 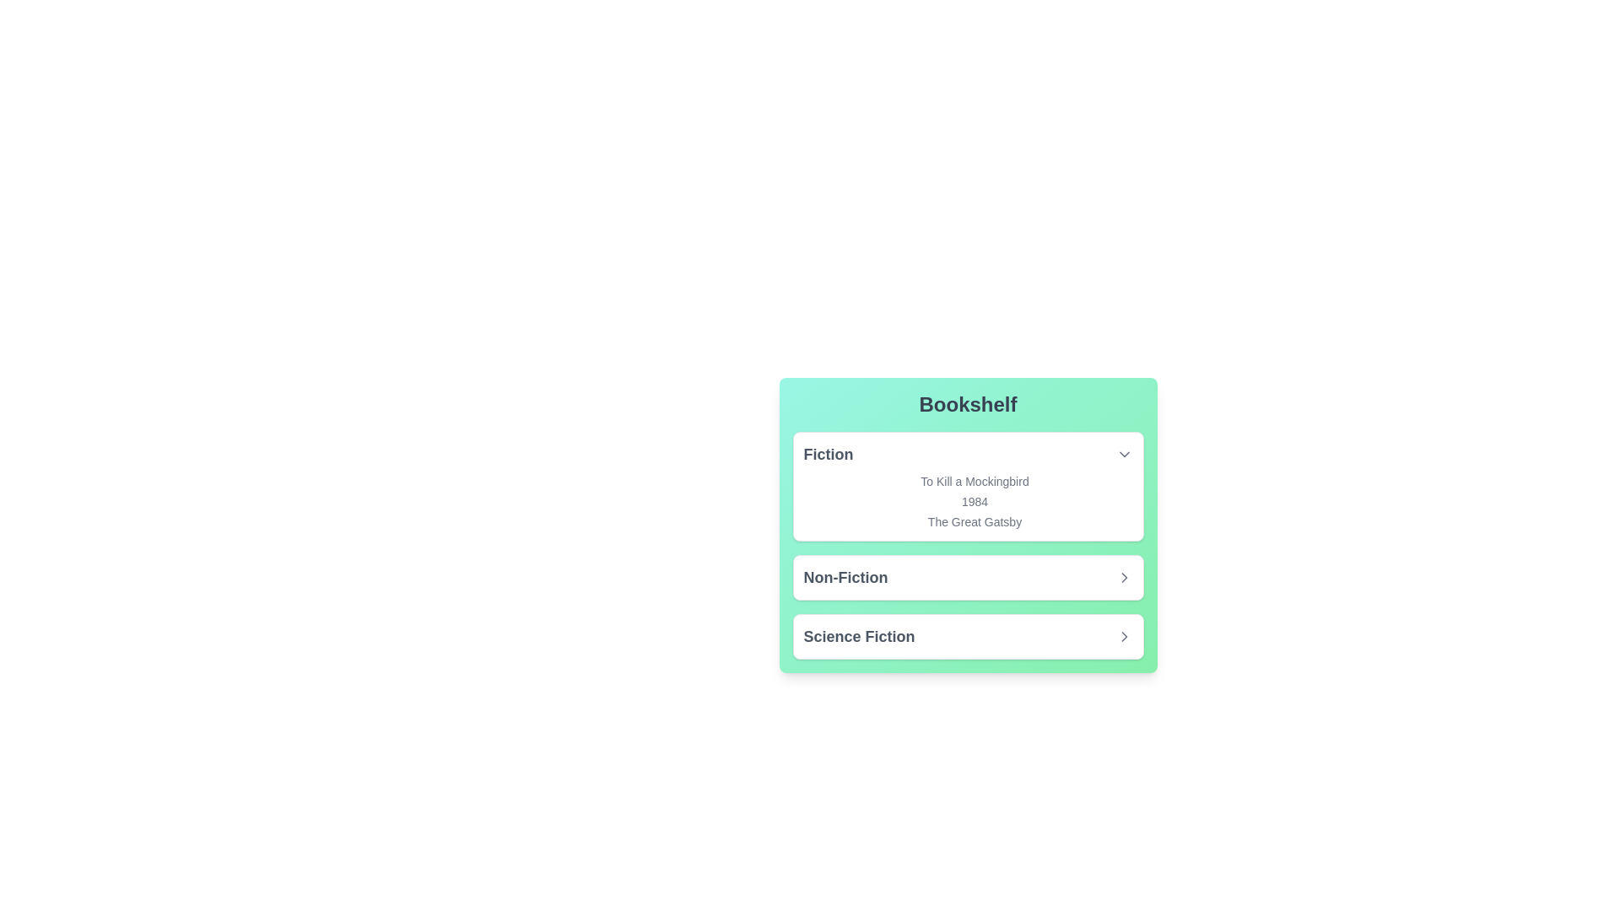 I want to click on the book title The Great Gatsby, so click(x=968, y=520).